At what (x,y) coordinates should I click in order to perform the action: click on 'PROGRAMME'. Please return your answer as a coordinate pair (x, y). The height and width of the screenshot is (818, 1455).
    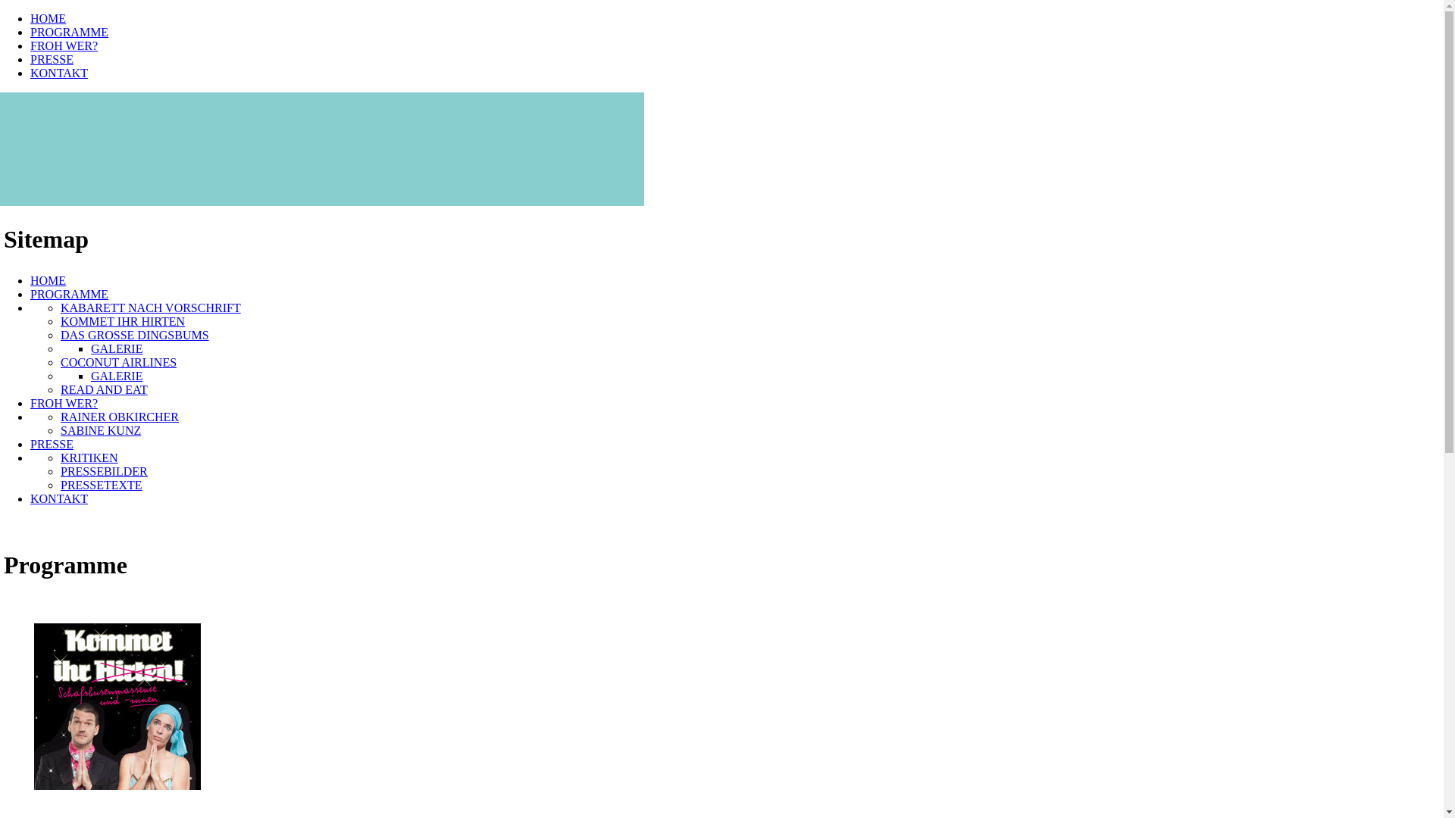
    Looking at the image, I should click on (68, 294).